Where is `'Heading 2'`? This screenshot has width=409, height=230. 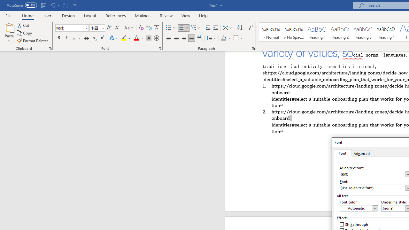
'Heading 2' is located at coordinates (339, 32).